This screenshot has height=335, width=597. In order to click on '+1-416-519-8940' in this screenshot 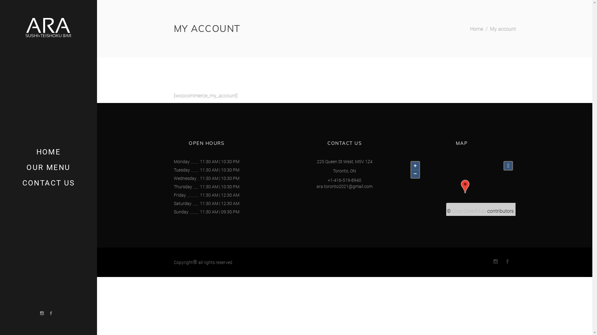, I will do `click(344, 180)`.